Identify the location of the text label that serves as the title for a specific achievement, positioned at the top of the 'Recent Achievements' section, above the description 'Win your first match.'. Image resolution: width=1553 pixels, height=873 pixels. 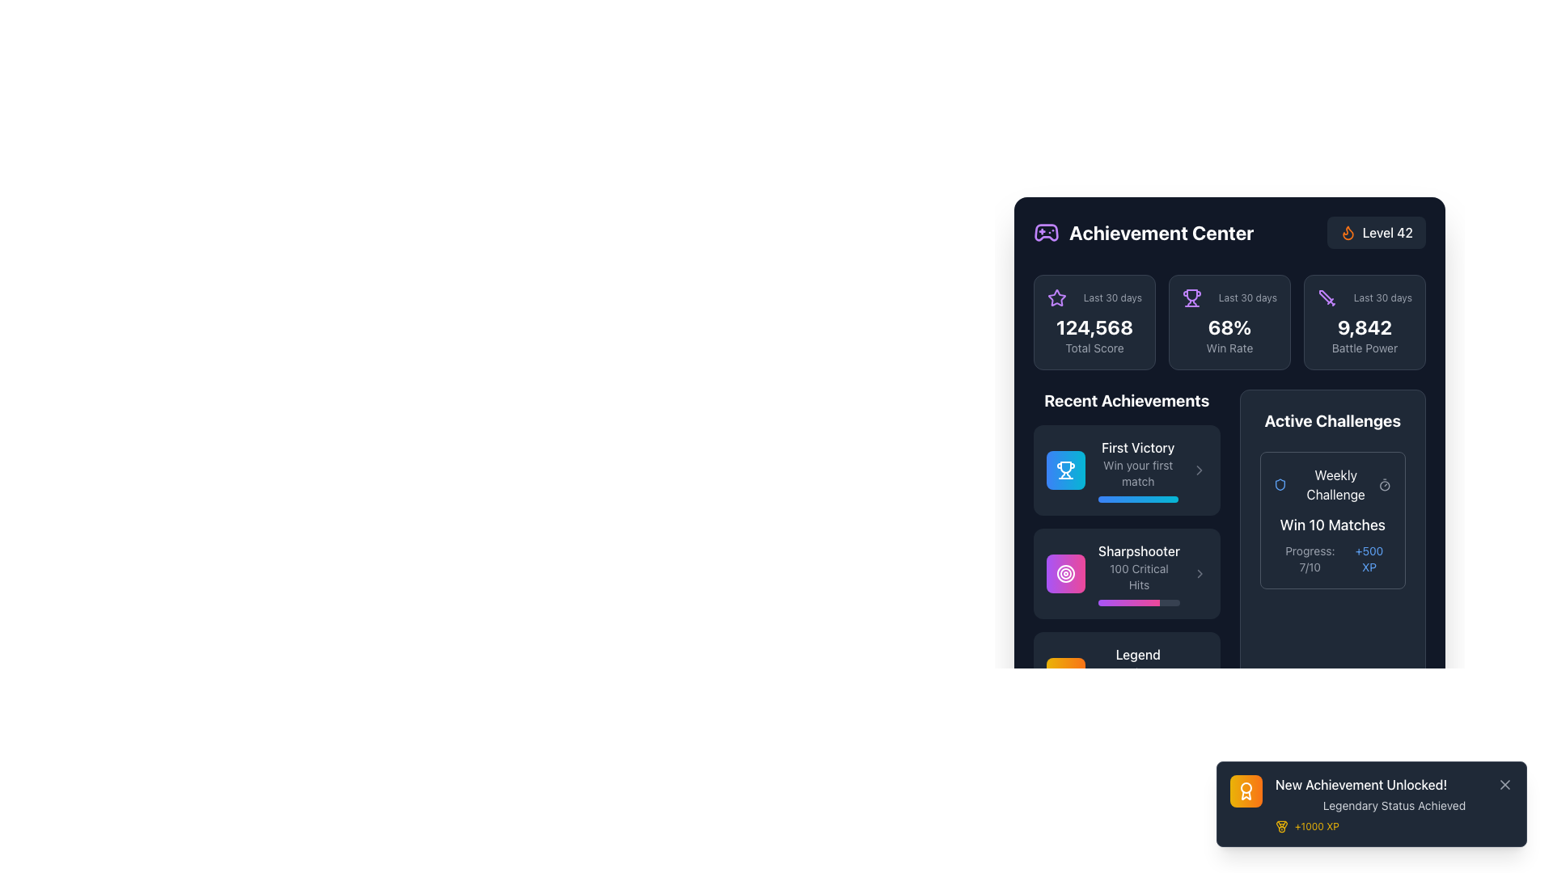
(1137, 448).